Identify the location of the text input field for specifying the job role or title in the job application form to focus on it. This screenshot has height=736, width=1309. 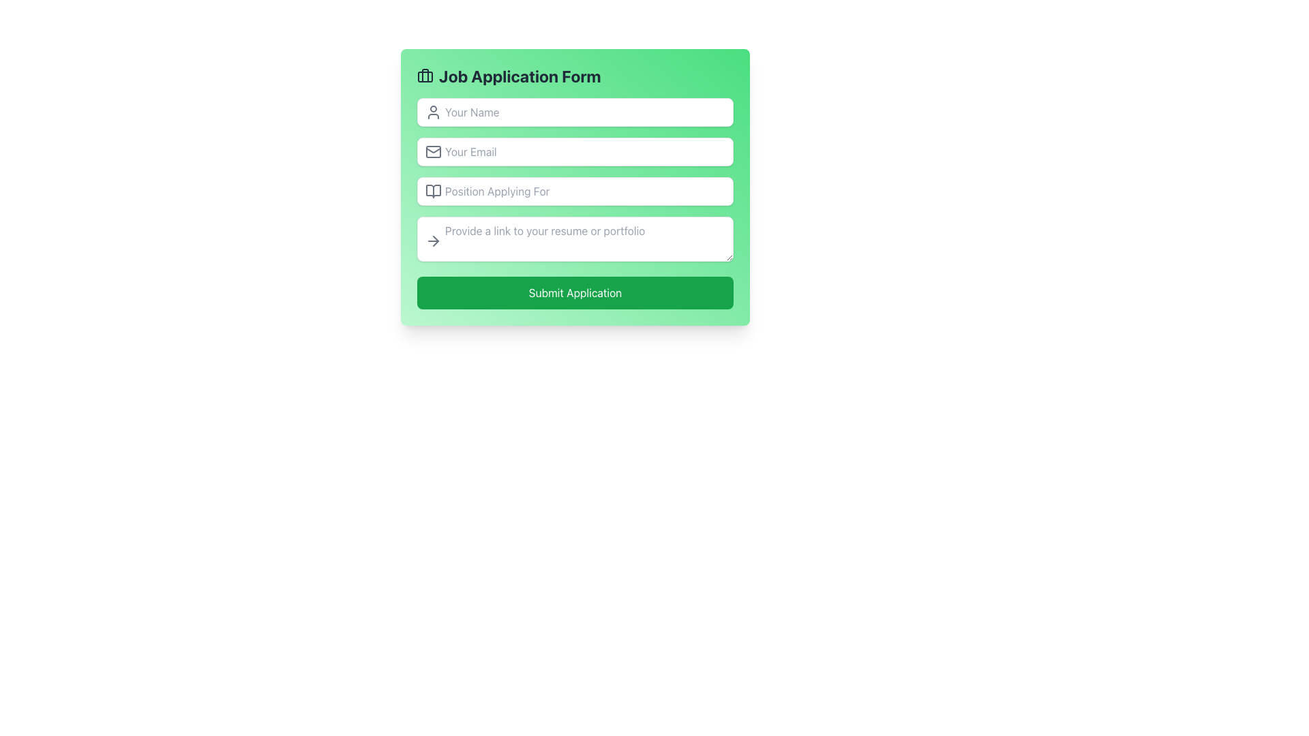
(575, 204).